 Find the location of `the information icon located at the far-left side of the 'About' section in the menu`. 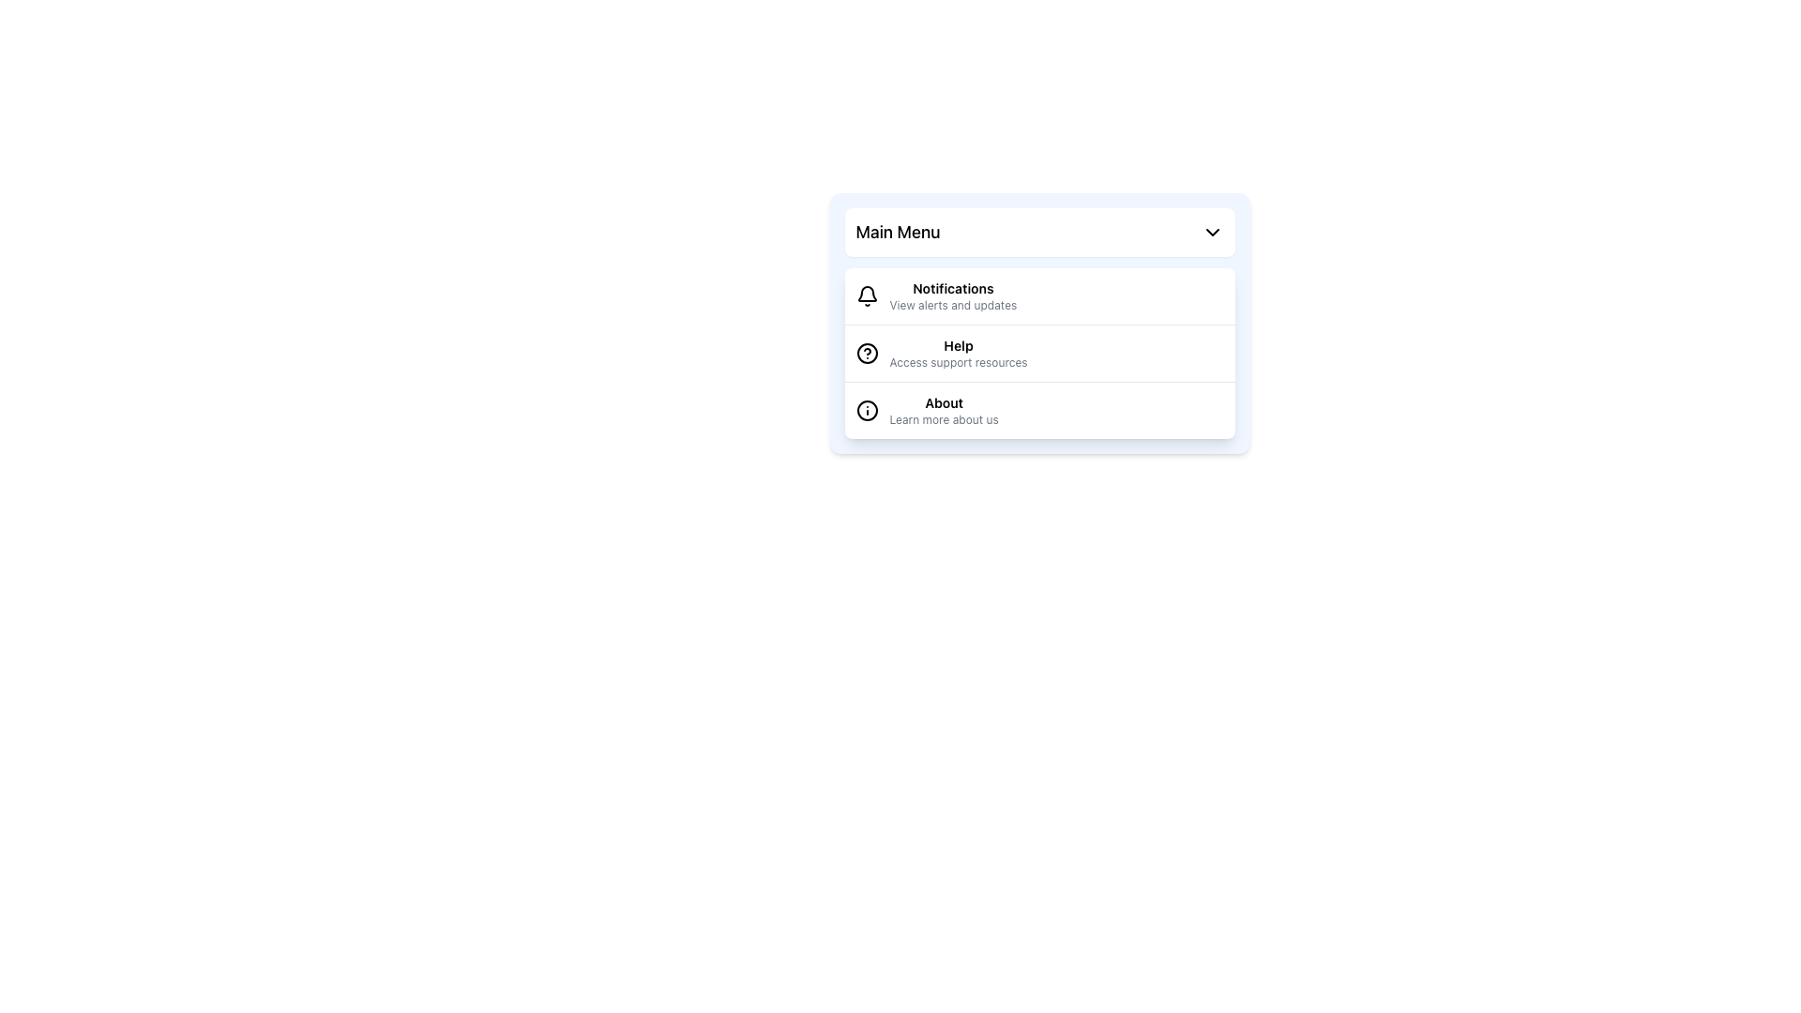

the information icon located at the far-left side of the 'About' section in the menu is located at coordinates (866, 410).